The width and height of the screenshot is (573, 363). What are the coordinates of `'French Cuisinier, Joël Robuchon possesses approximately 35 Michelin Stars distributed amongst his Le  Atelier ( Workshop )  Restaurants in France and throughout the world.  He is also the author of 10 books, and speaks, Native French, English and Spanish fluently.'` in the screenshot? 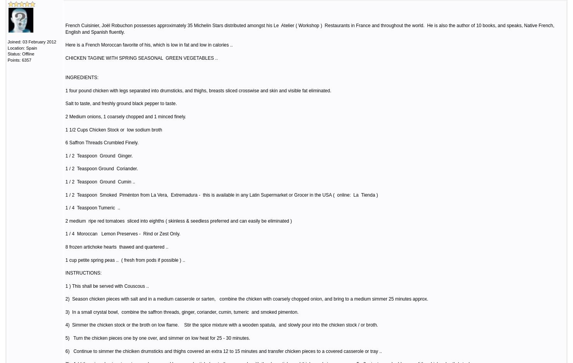 It's located at (309, 28).